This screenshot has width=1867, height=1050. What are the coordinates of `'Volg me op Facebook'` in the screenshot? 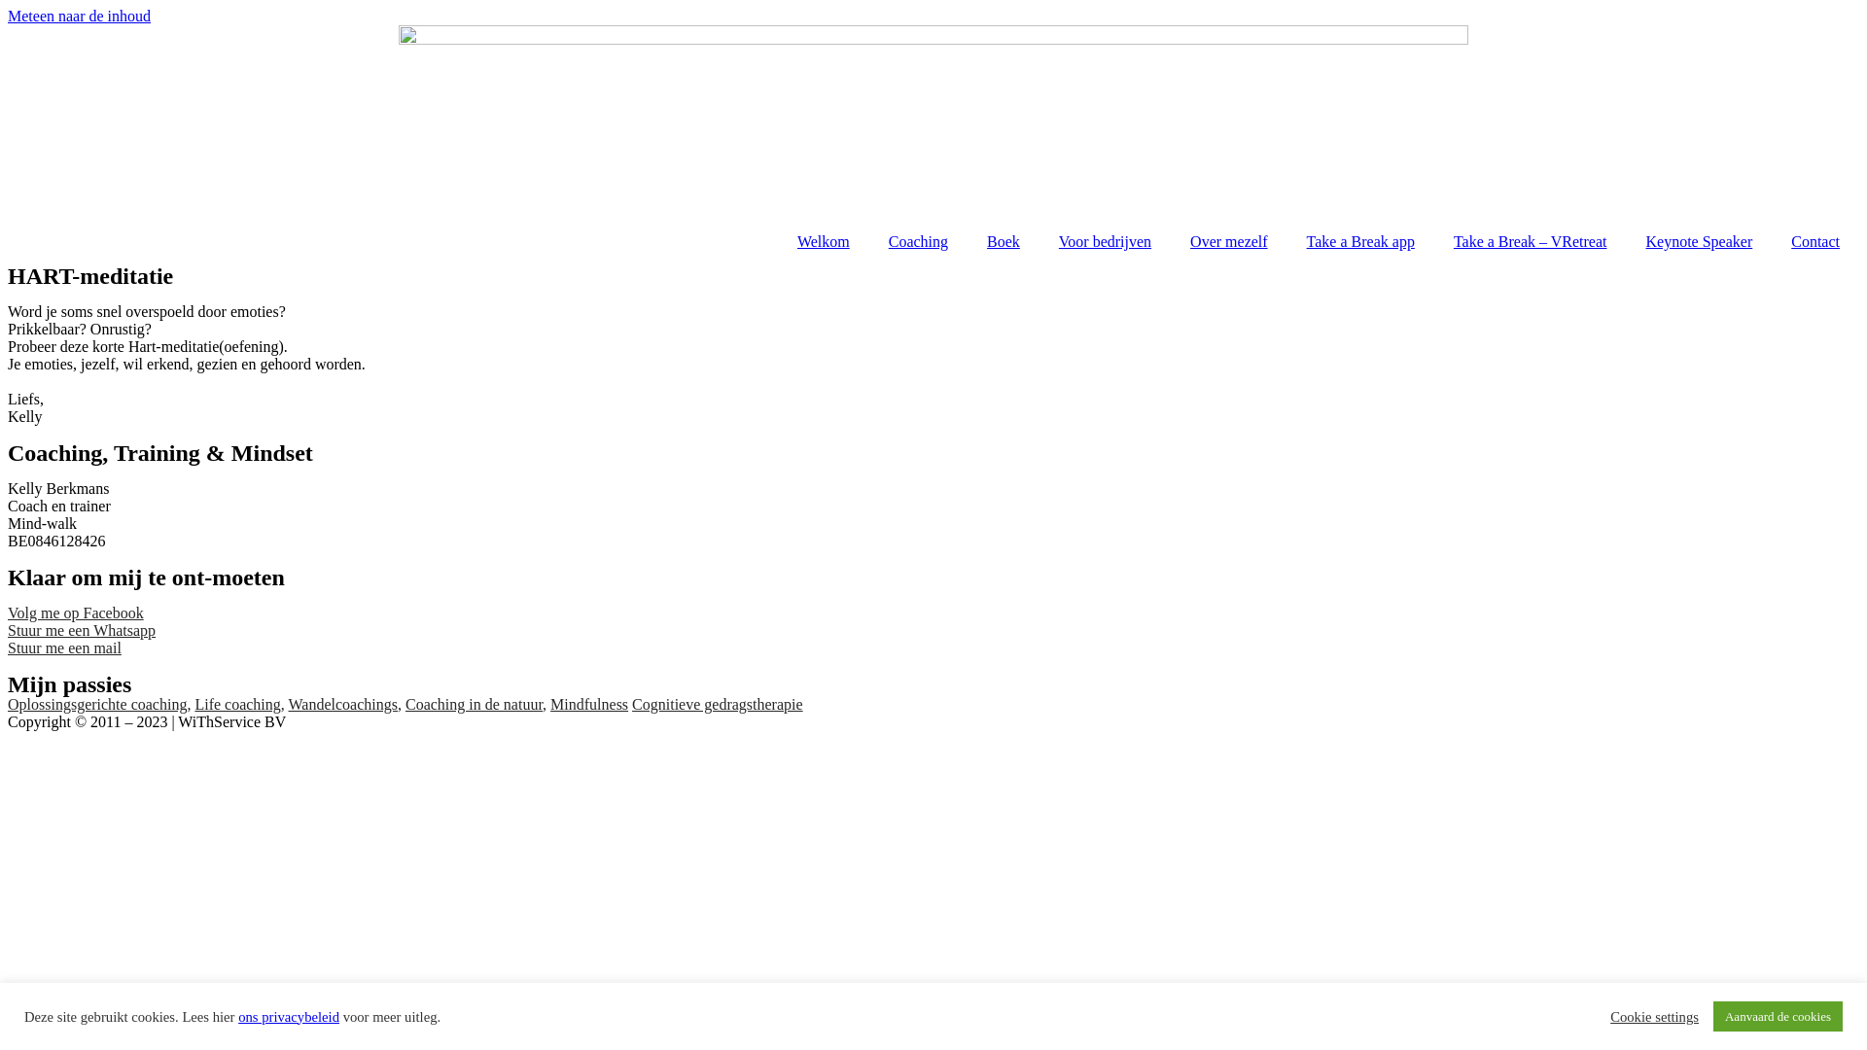 It's located at (75, 612).